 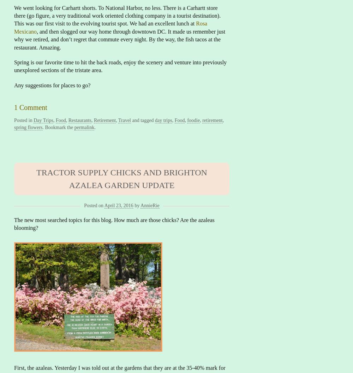 I want to click on 'Posted in', so click(x=23, y=120).